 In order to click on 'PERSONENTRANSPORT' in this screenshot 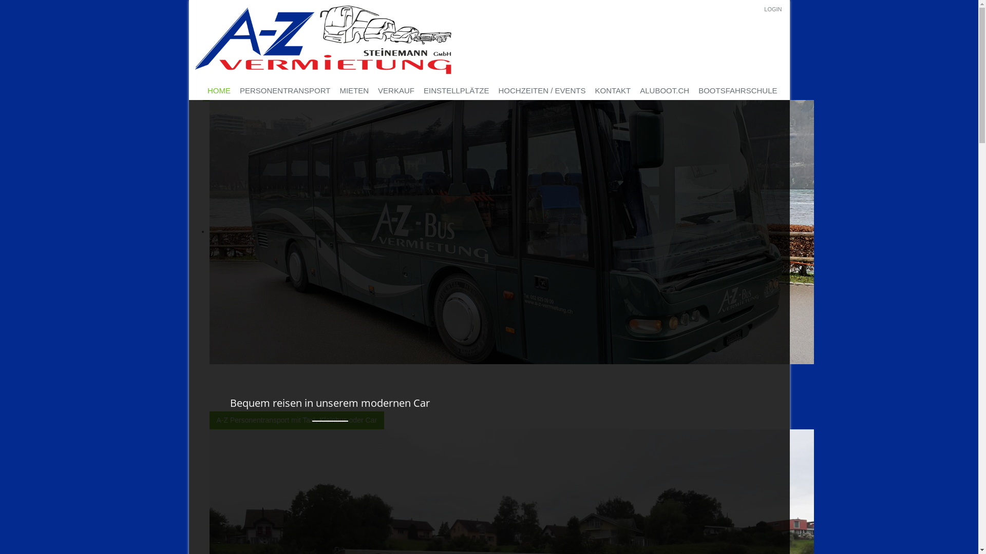, I will do `click(285, 90)`.